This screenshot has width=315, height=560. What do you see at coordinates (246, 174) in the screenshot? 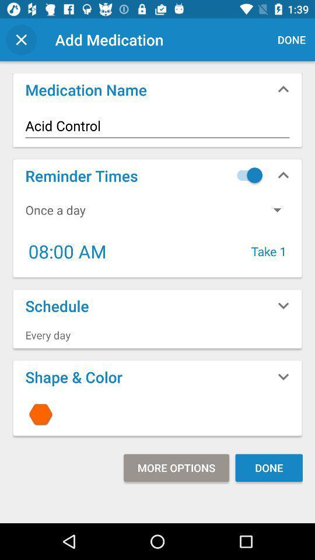
I see `alarm on or off` at bounding box center [246, 174].